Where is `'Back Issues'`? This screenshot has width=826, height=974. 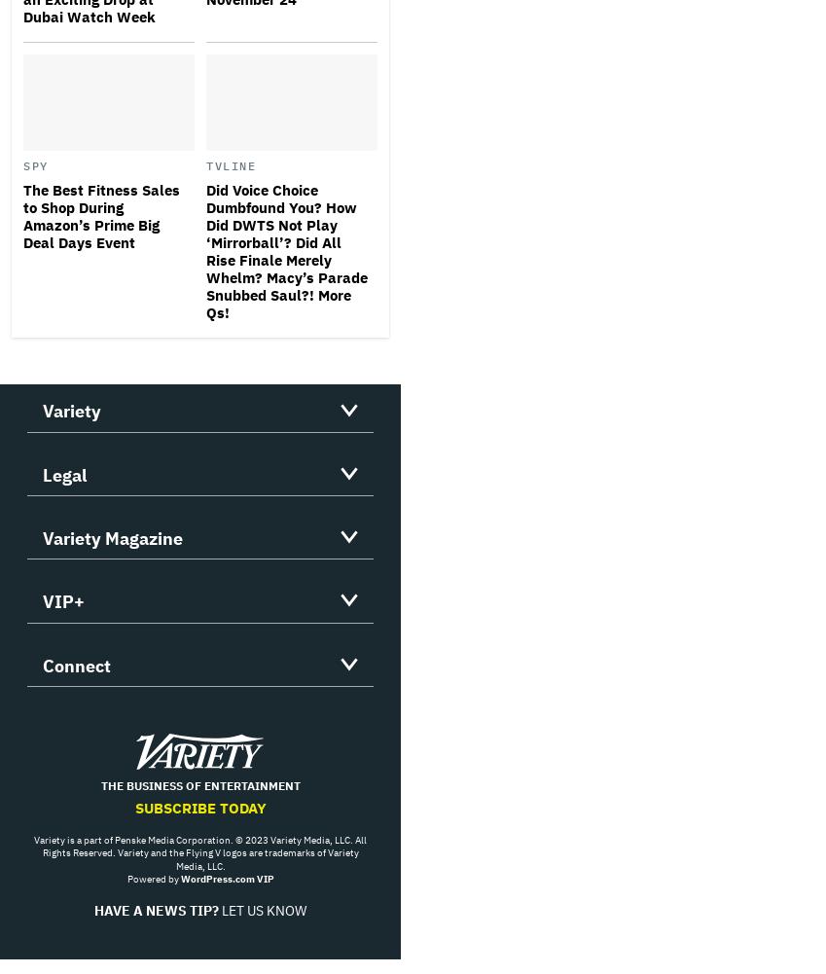 'Back Issues' is located at coordinates (41, 631).